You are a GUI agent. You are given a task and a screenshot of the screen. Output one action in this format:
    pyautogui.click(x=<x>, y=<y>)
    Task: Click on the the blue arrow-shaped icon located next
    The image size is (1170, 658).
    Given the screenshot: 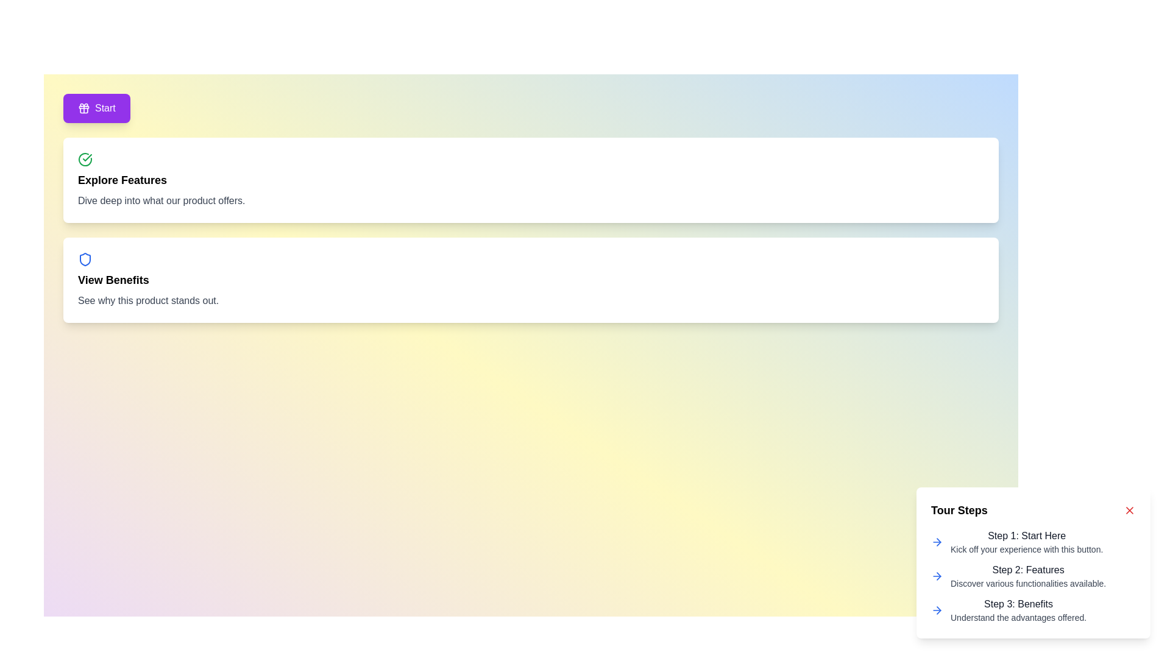 What is the action you would take?
    pyautogui.click(x=936, y=542)
    